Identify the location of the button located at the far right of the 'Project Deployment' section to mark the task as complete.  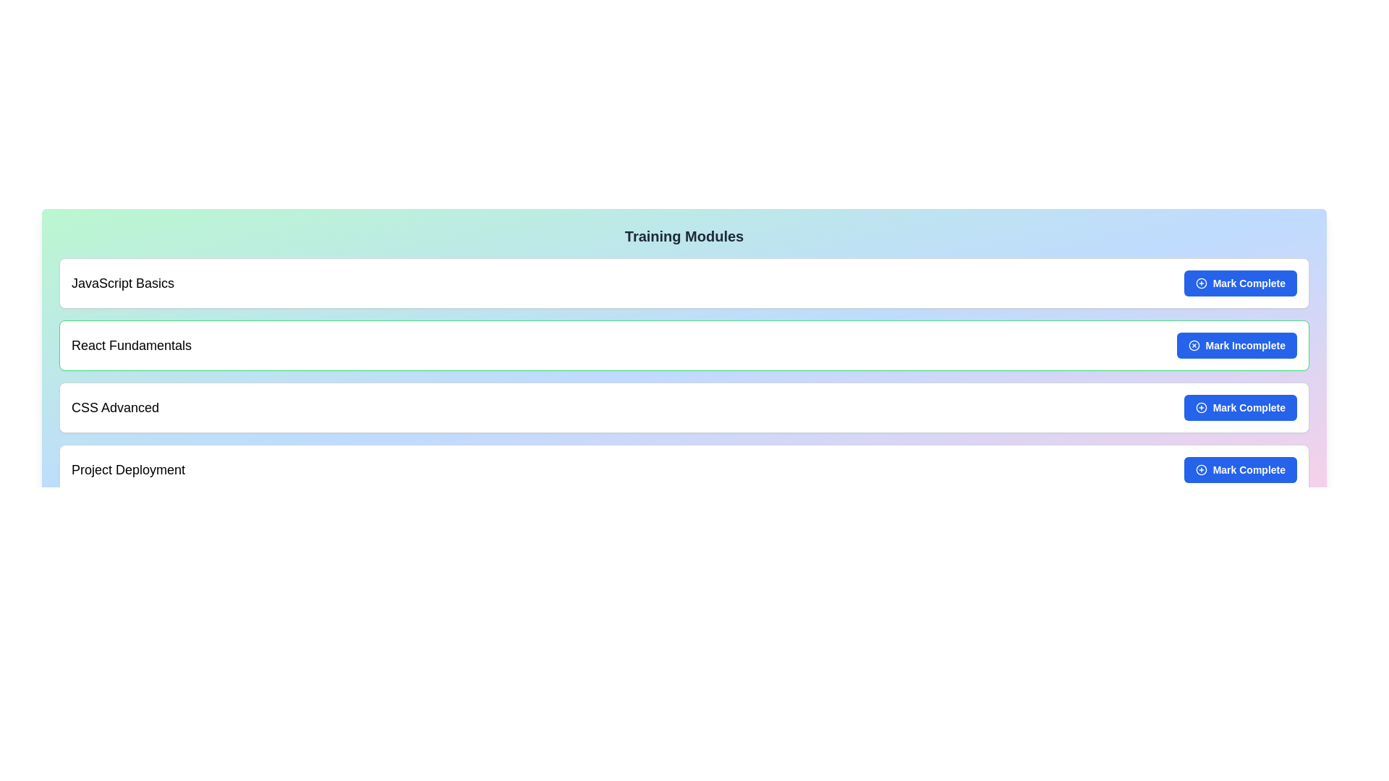
(1239, 470).